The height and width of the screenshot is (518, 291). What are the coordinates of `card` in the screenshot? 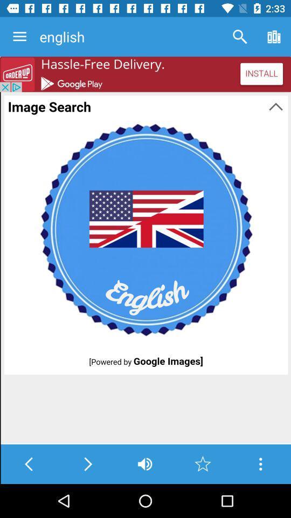 It's located at (260, 464).